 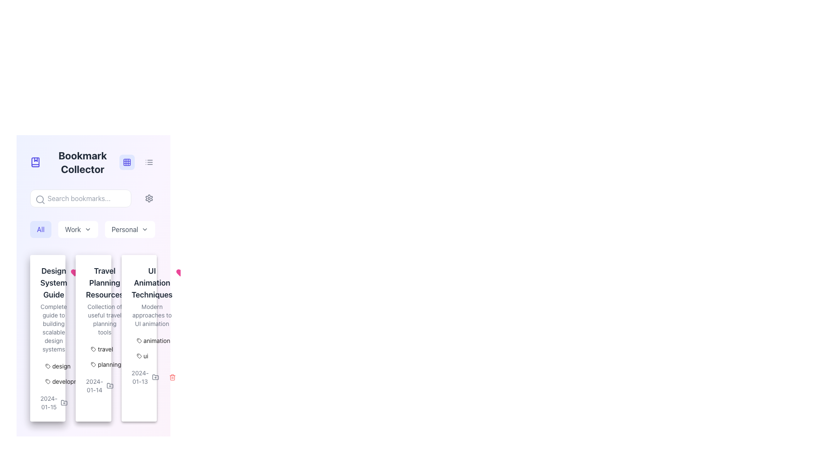 What do you see at coordinates (78, 229) in the screenshot?
I see `the Dropdown button located in the second position of the horizontal list below the search bar for keyboard interaction` at bounding box center [78, 229].